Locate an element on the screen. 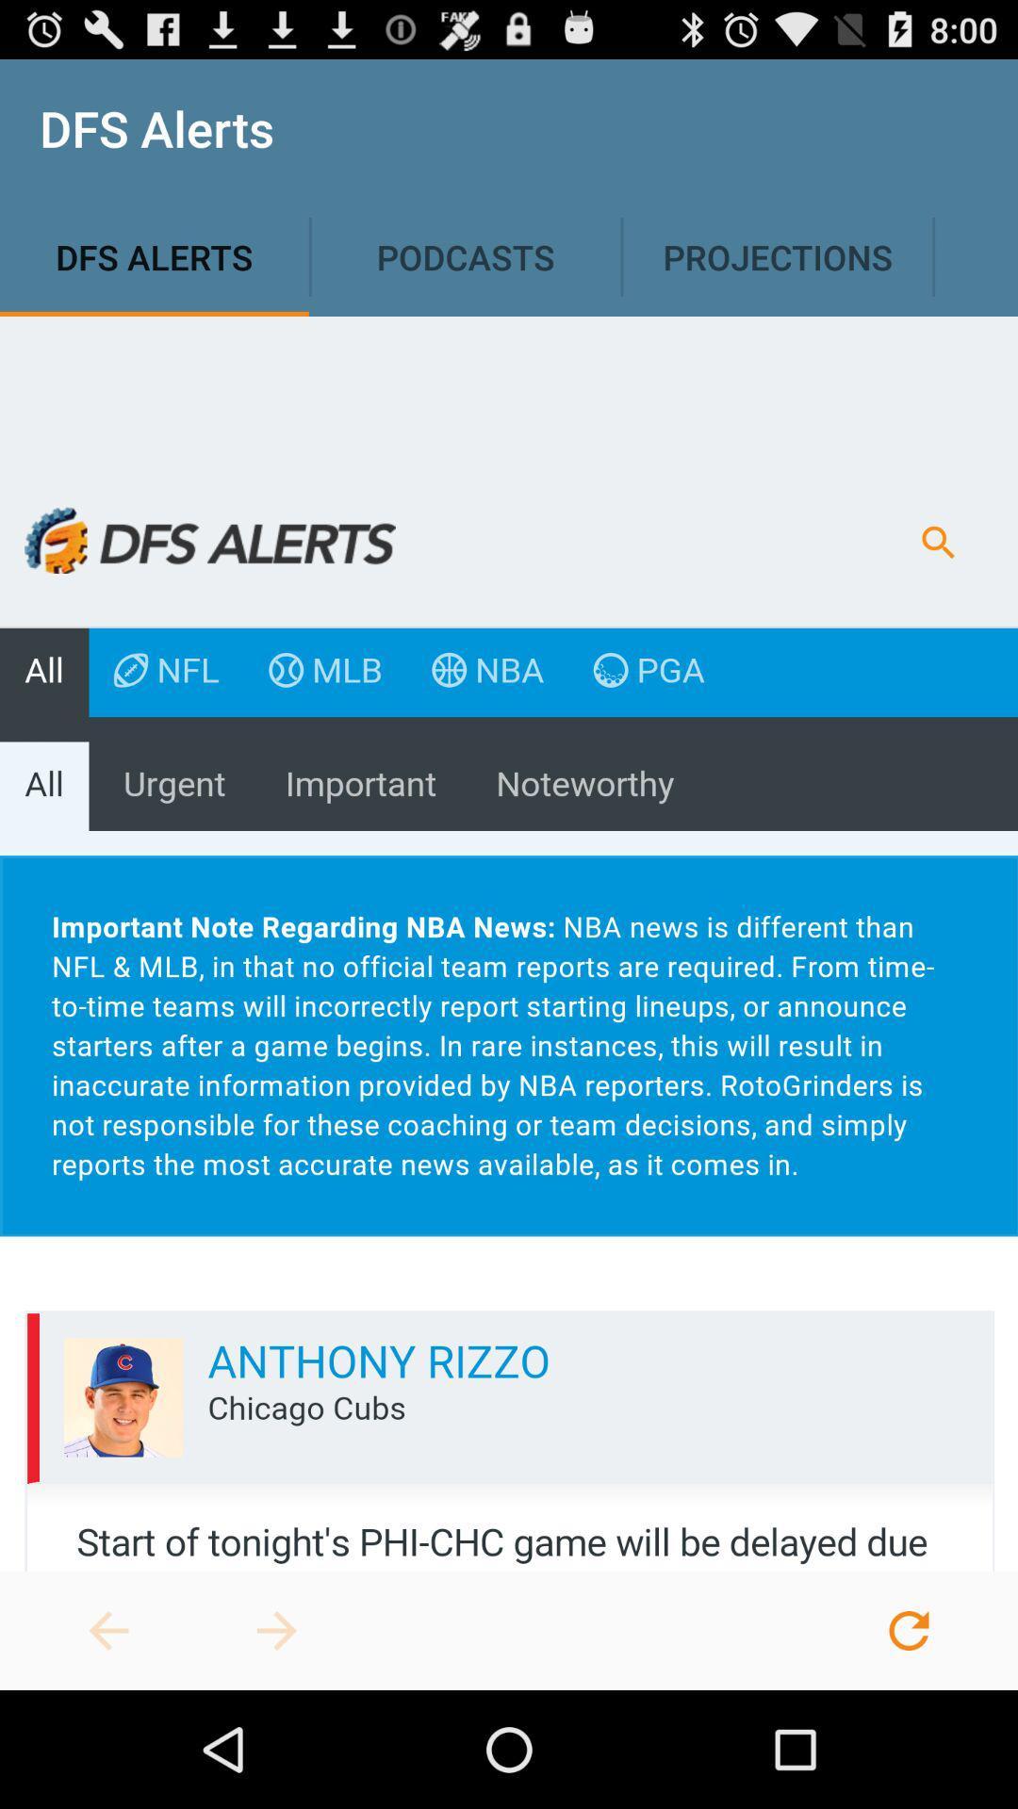  go back is located at coordinates (108, 1630).